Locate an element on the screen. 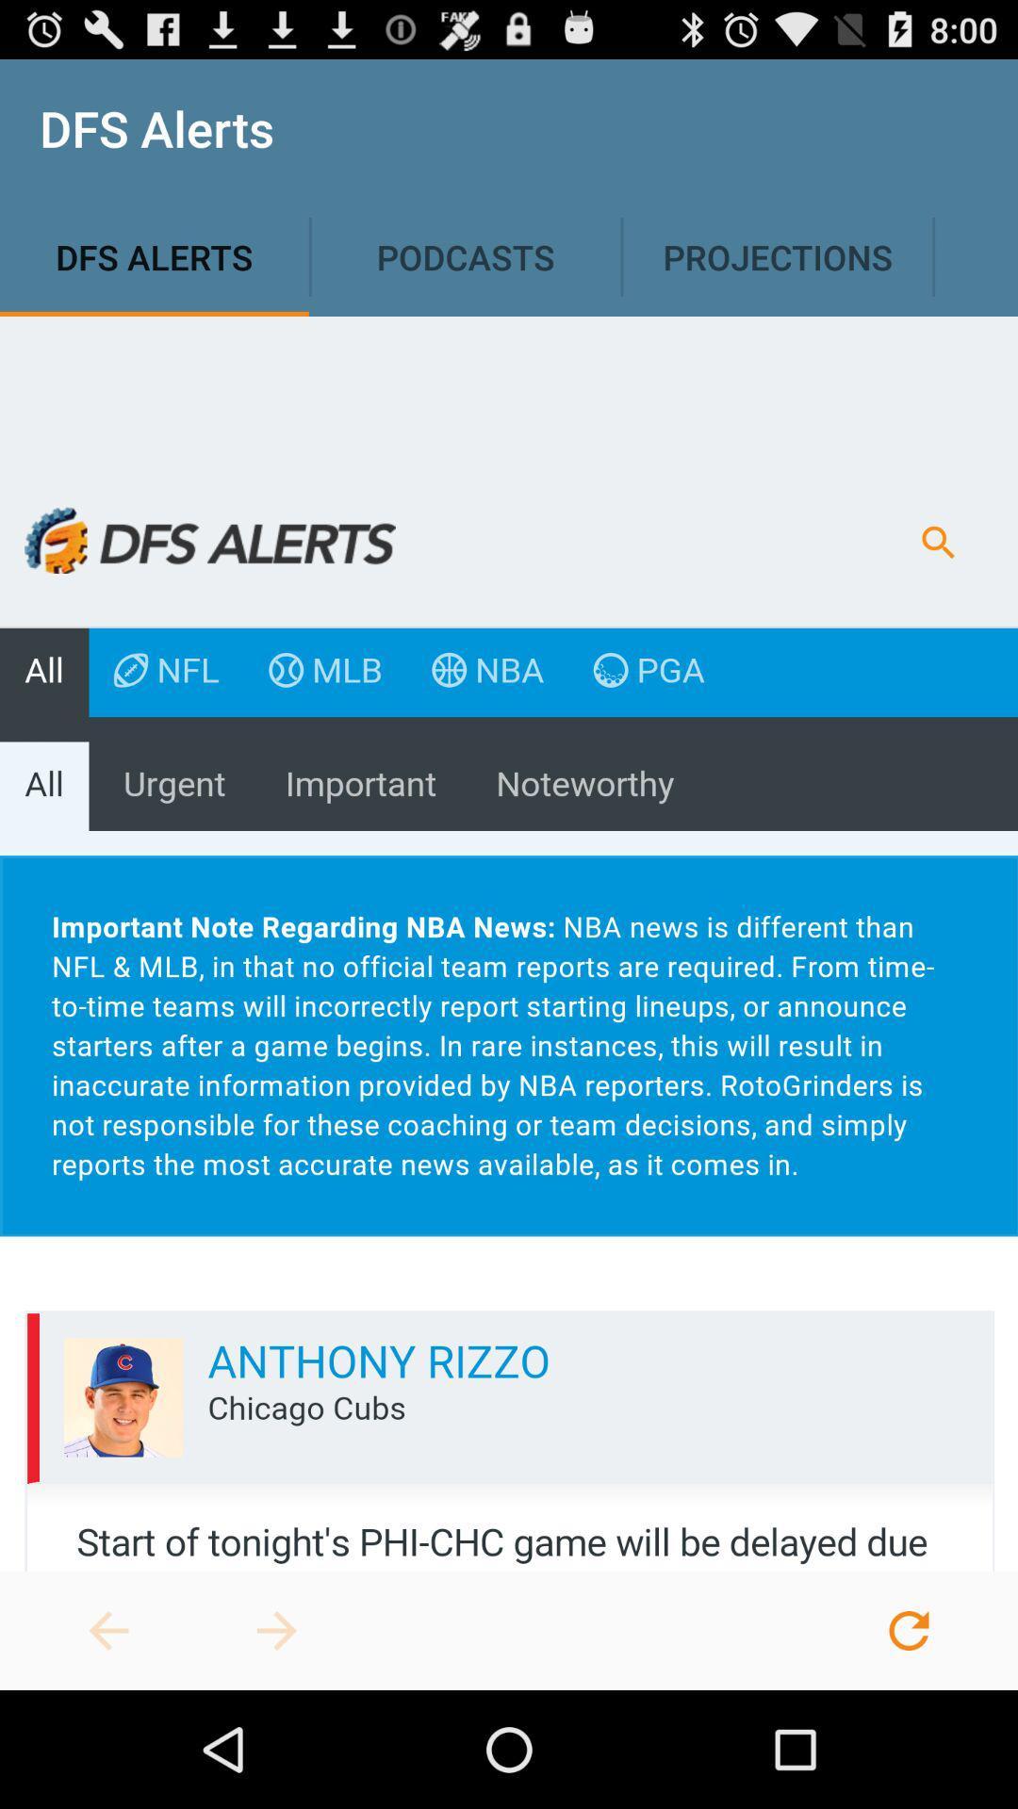  go back is located at coordinates (108, 1630).